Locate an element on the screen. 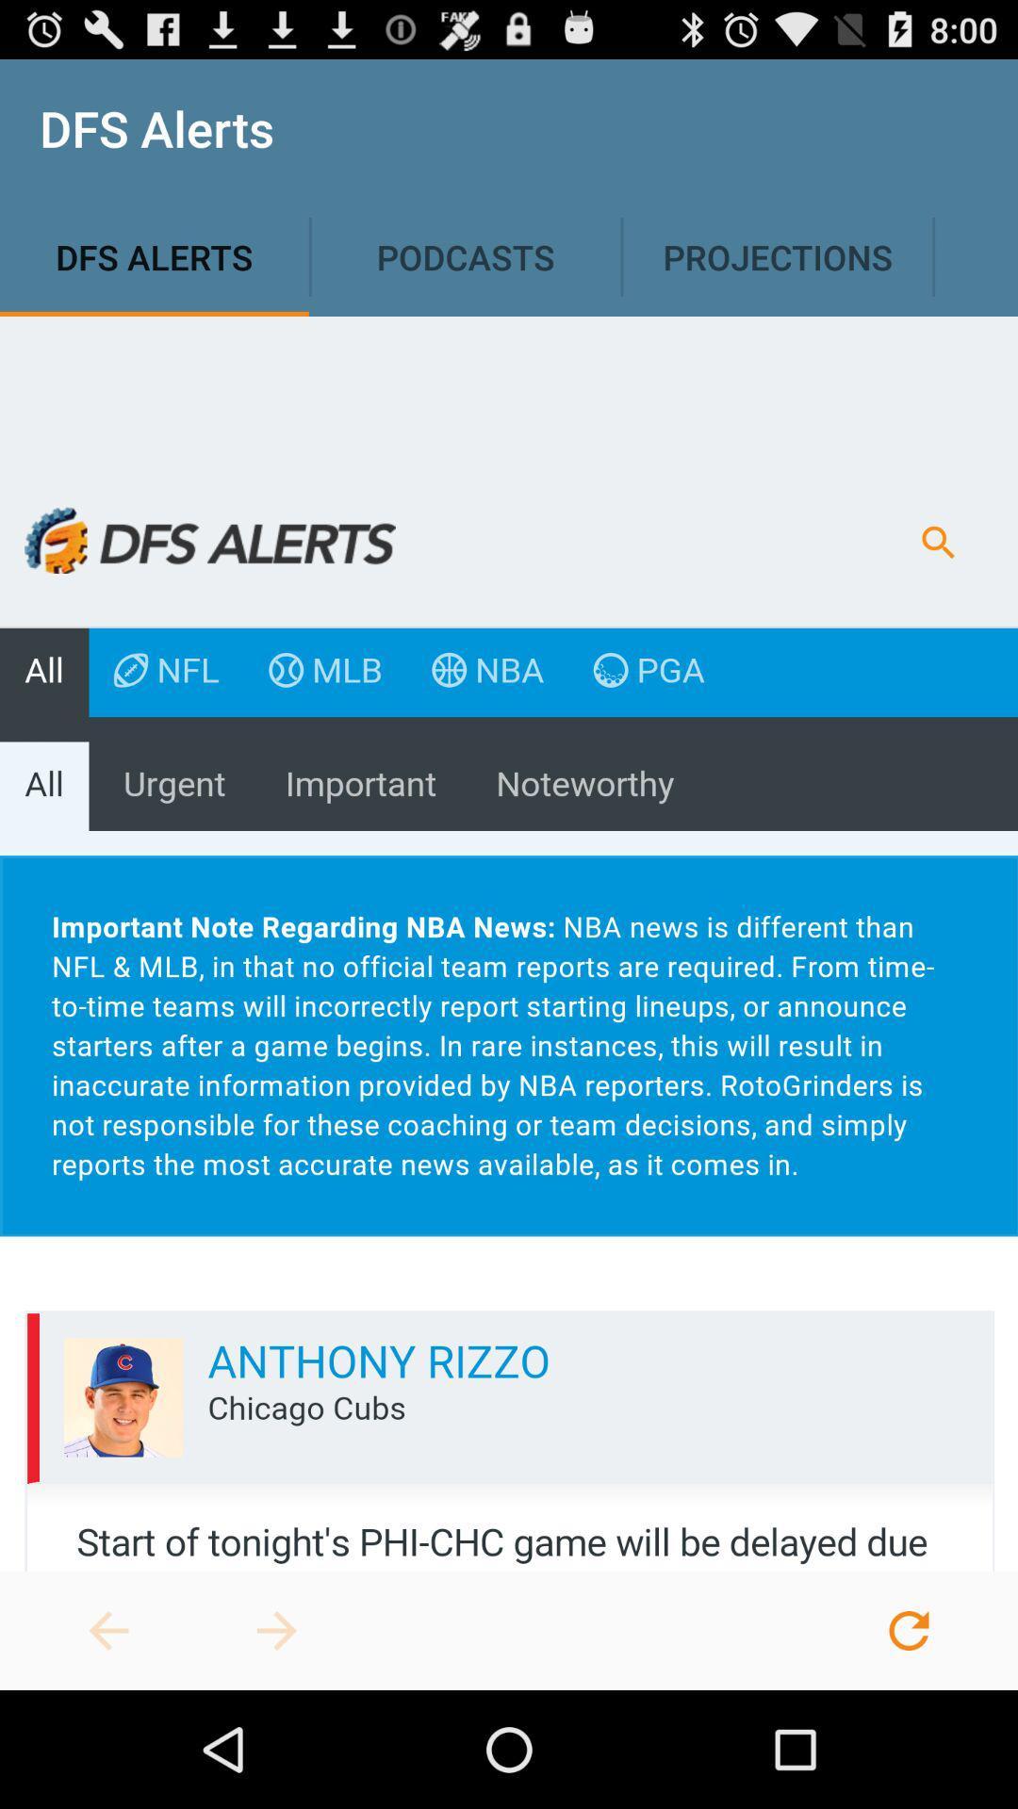  go back is located at coordinates (108, 1630).